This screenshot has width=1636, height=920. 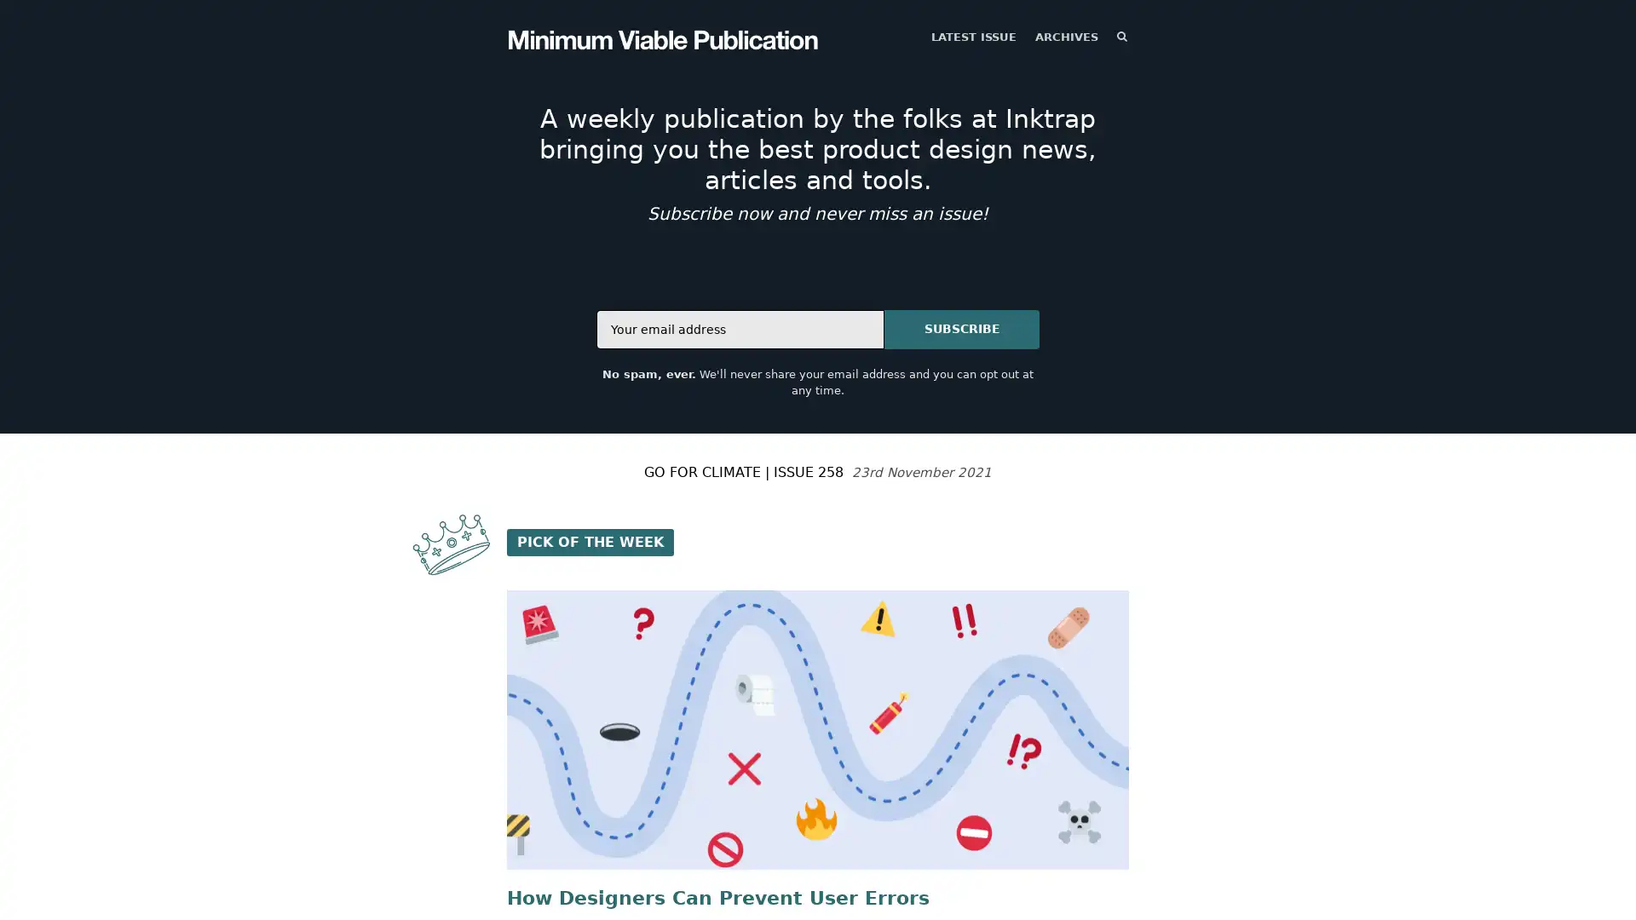 What do you see at coordinates (510, 3) in the screenshot?
I see `TOGGLE MENU` at bounding box center [510, 3].